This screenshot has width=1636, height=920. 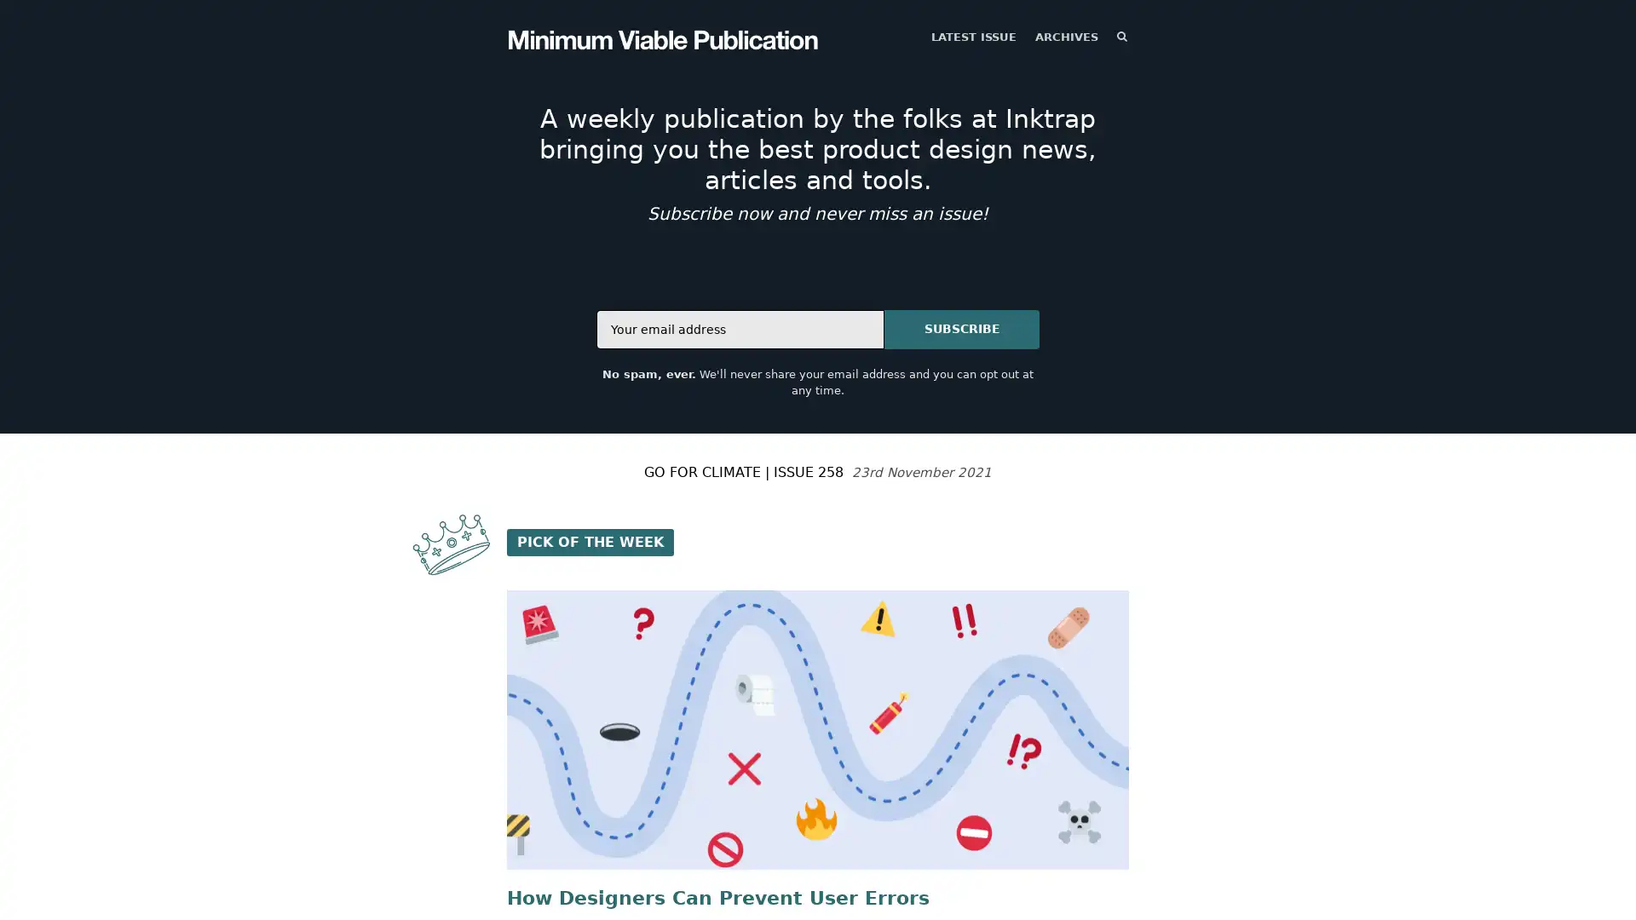 What do you see at coordinates (510, 3) in the screenshot?
I see `TOGGLE MENU` at bounding box center [510, 3].